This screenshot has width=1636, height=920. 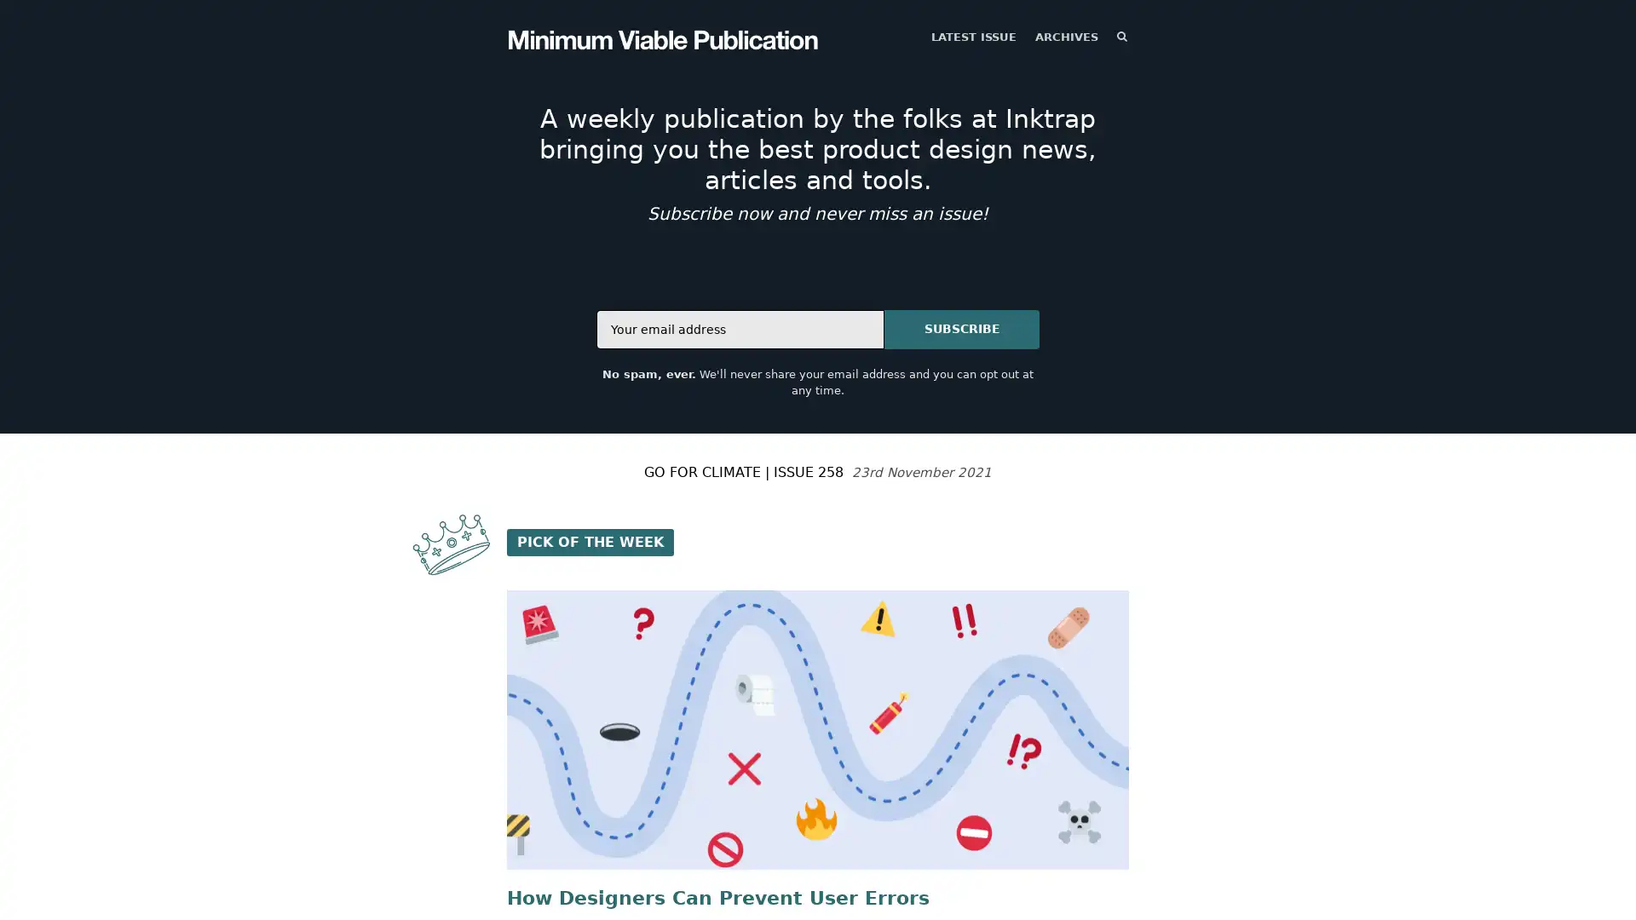 What do you see at coordinates (510, 3) in the screenshot?
I see `TOGGLE MENU` at bounding box center [510, 3].